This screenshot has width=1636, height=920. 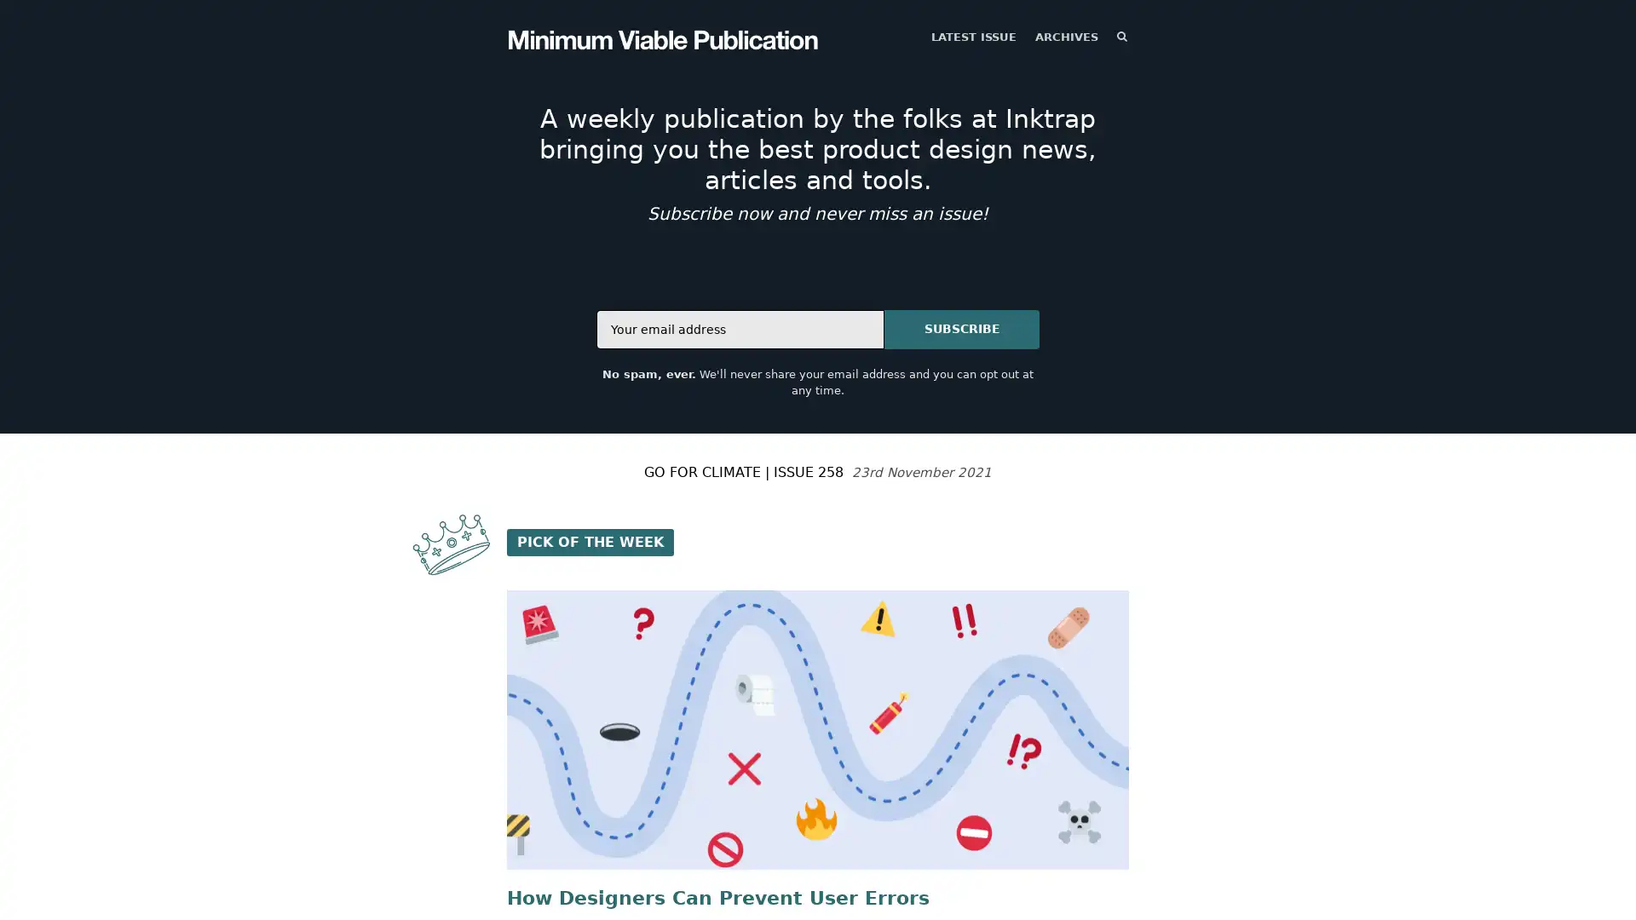 What do you see at coordinates (510, 3) in the screenshot?
I see `TOGGLE MENU` at bounding box center [510, 3].